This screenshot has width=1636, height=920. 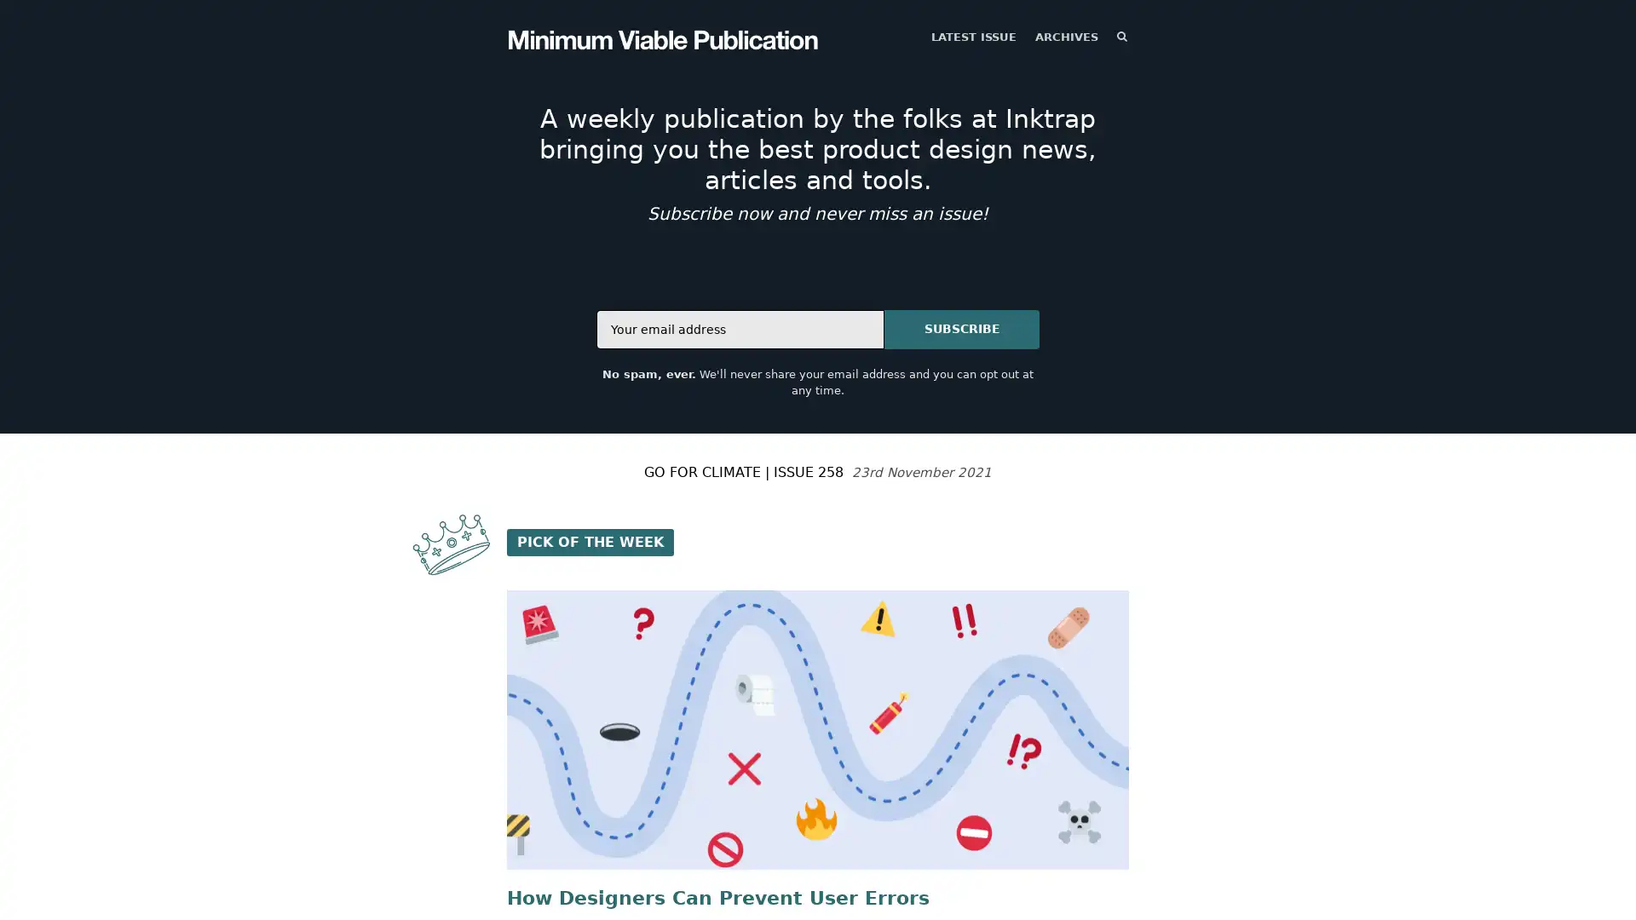 What do you see at coordinates (510, 3) in the screenshot?
I see `TOGGLE MENU` at bounding box center [510, 3].